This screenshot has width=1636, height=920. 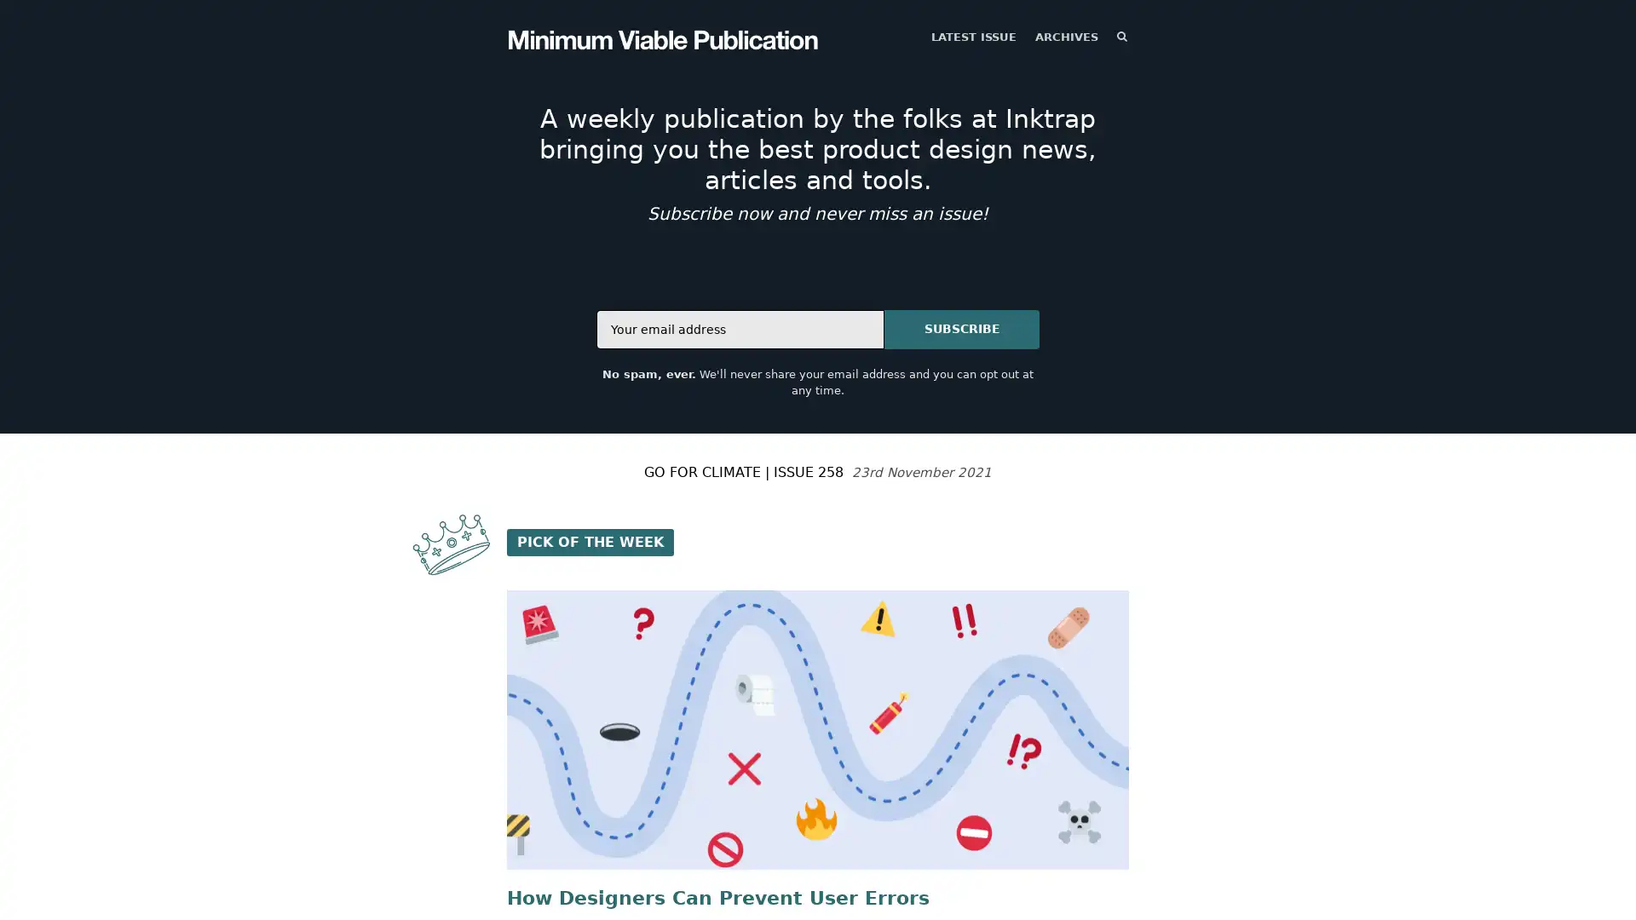 What do you see at coordinates (510, 3) in the screenshot?
I see `TOGGLE MENU` at bounding box center [510, 3].